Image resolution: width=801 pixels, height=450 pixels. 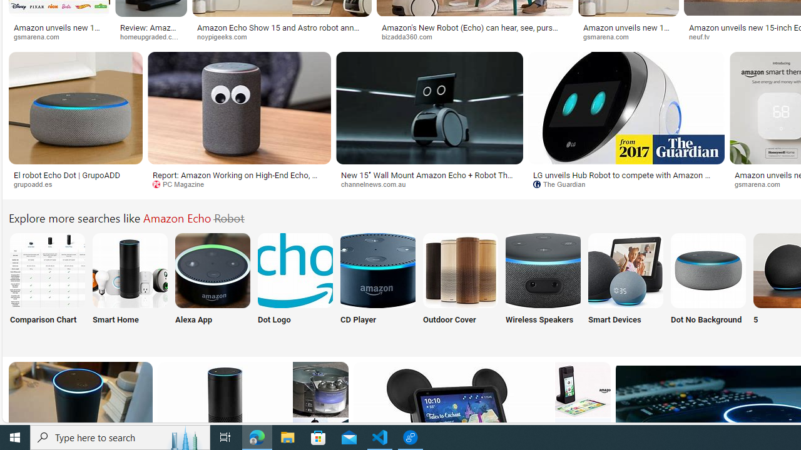 What do you see at coordinates (543, 269) in the screenshot?
I see `'Amazon Echo Wireless Speakers'` at bounding box center [543, 269].